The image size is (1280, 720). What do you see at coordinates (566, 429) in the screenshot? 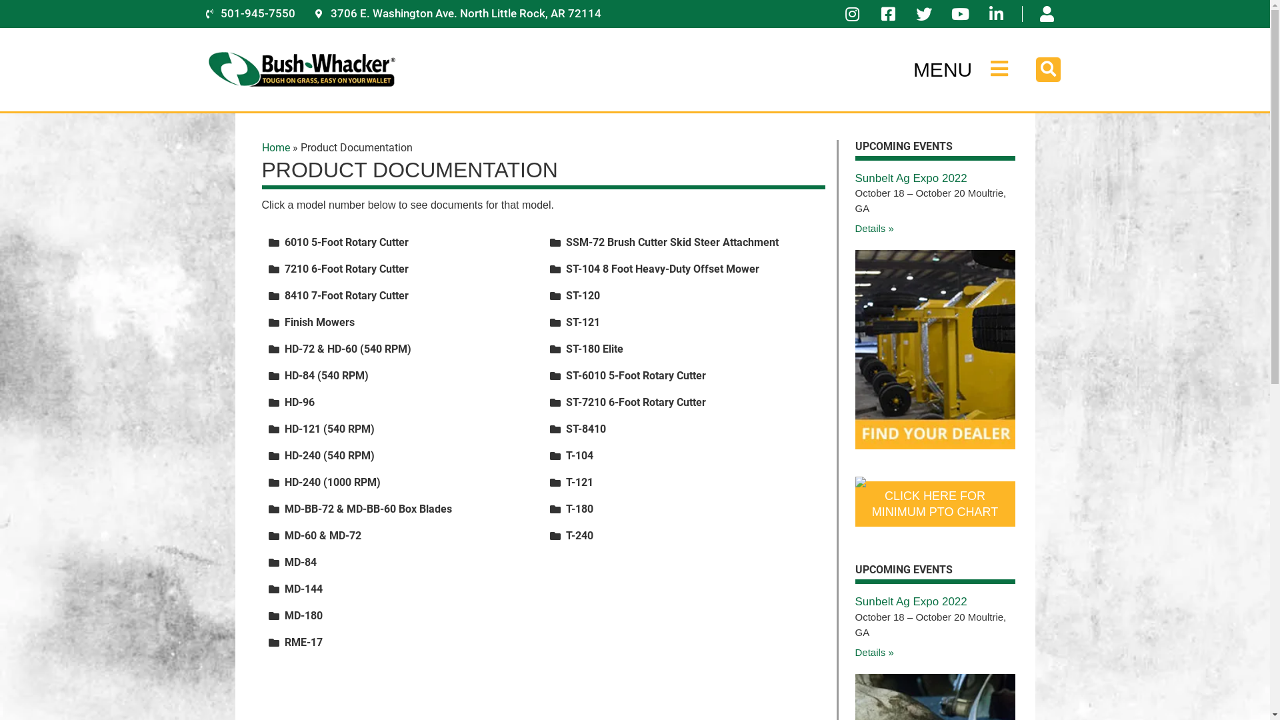
I see `'ST-8410'` at bounding box center [566, 429].